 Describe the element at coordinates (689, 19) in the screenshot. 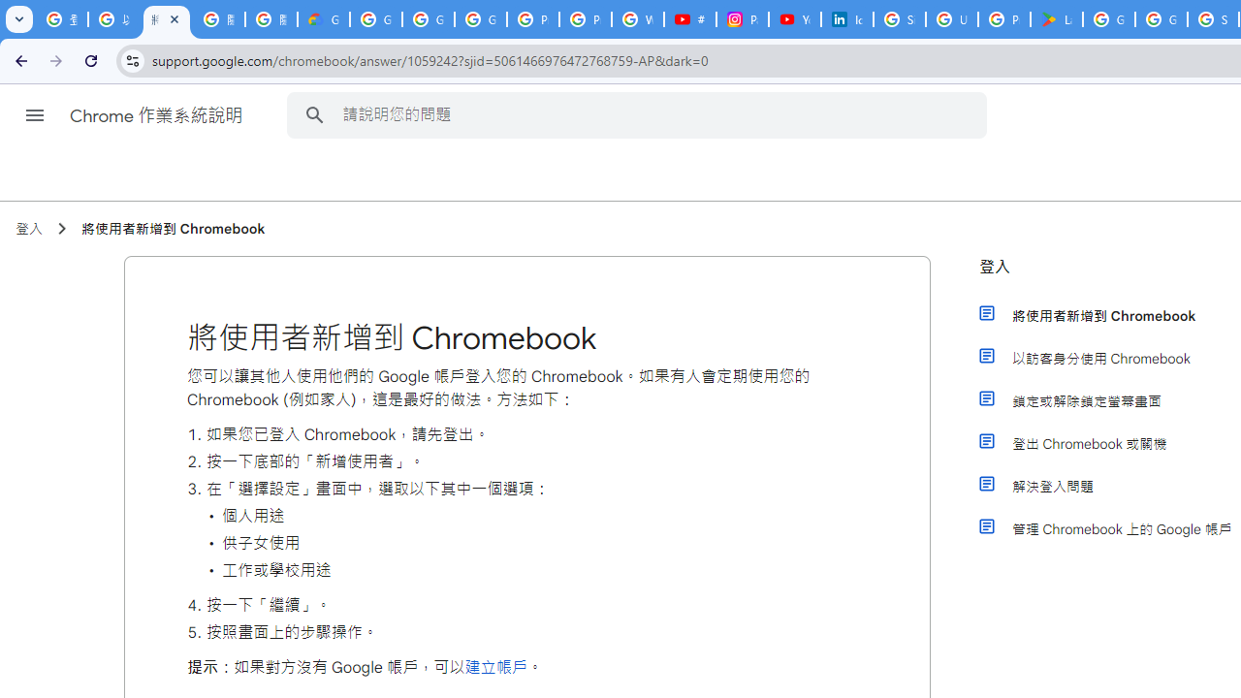

I see `'#nbabasketballhighlights - YouTube'` at that location.